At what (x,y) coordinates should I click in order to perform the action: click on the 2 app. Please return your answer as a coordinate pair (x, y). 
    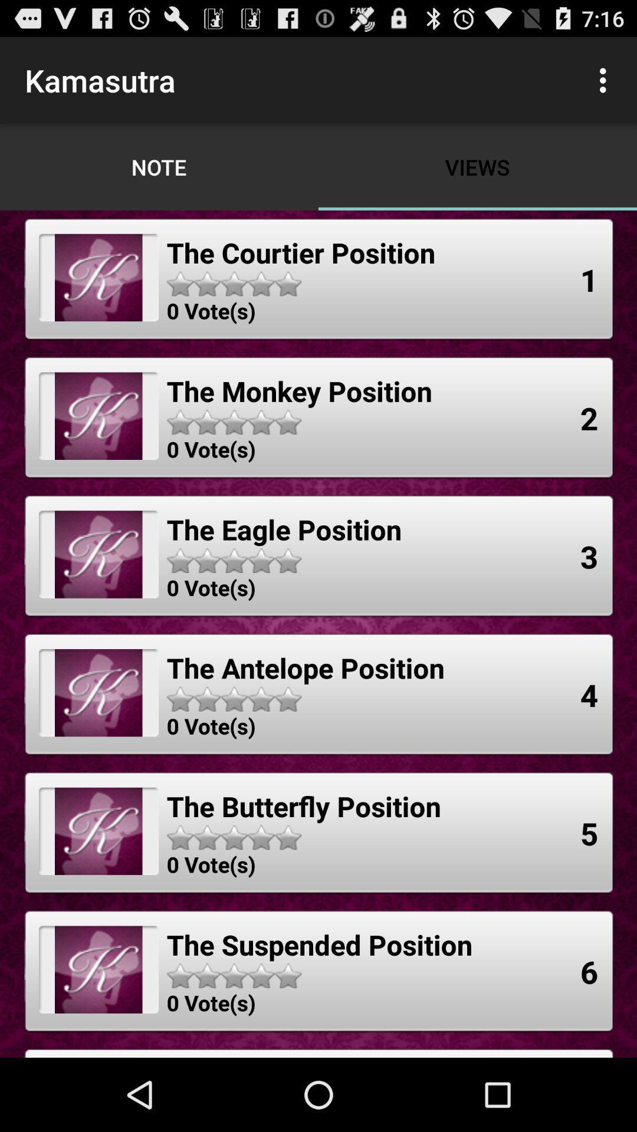
    Looking at the image, I should click on (589, 418).